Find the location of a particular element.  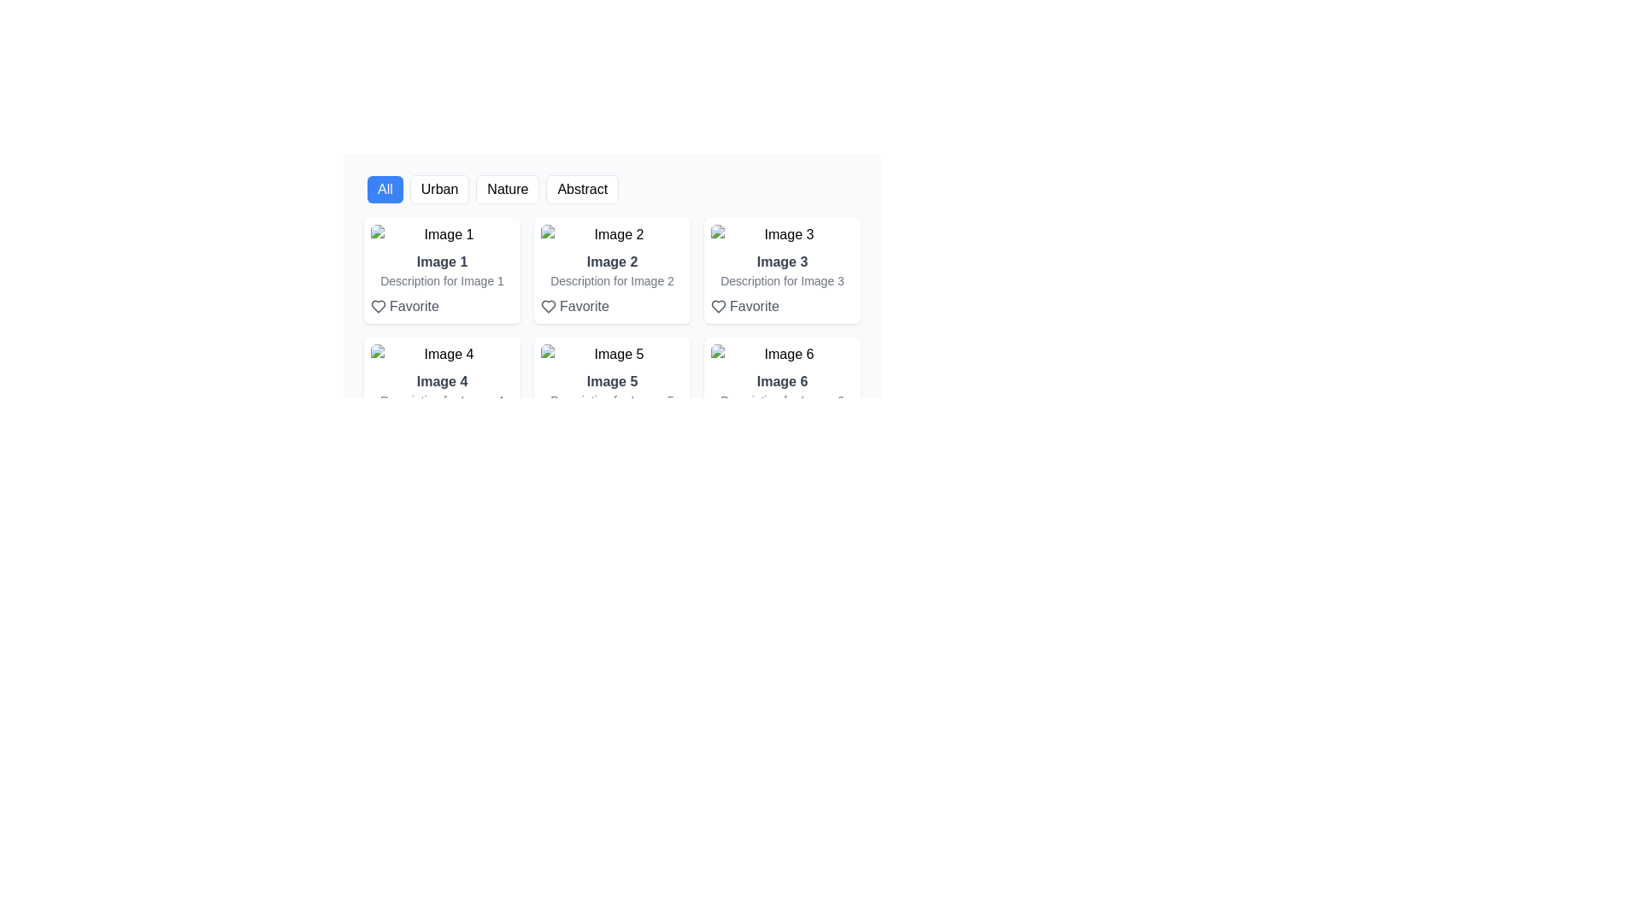

the text label displaying 'Image 6', which is styled with a semi-bold font and located within the sixth card of a grid layout, positioned below the image thumbnail is located at coordinates (781, 381).